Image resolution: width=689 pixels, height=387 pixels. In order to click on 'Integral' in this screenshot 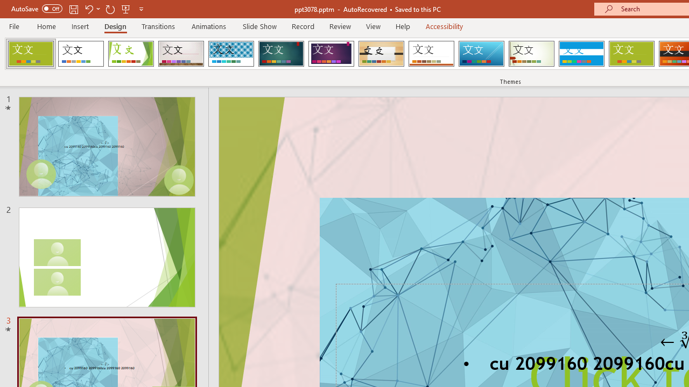, I will do `click(230, 54)`.